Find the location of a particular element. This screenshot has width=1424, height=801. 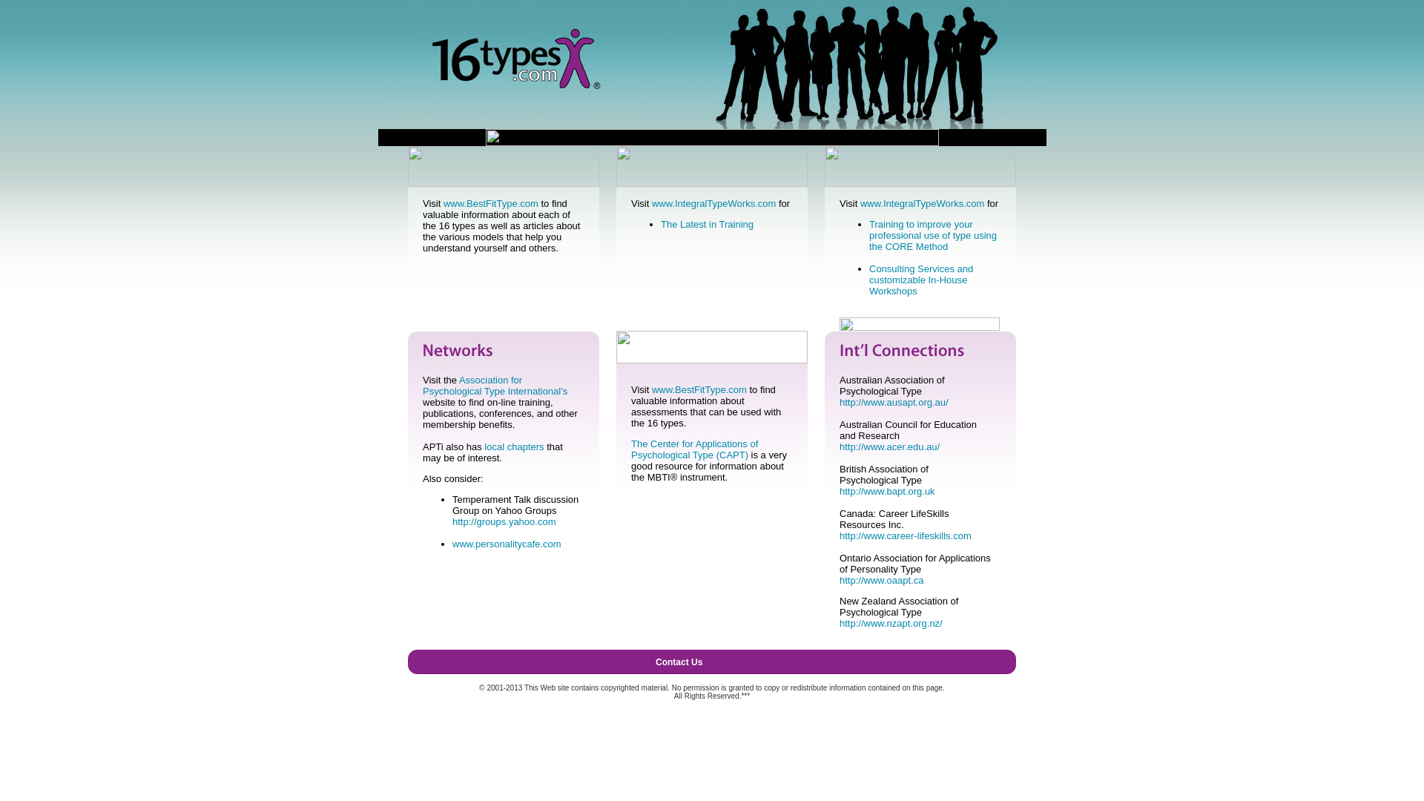

'Consulting Services and customizable In-House Workshops' is located at coordinates (868, 280).